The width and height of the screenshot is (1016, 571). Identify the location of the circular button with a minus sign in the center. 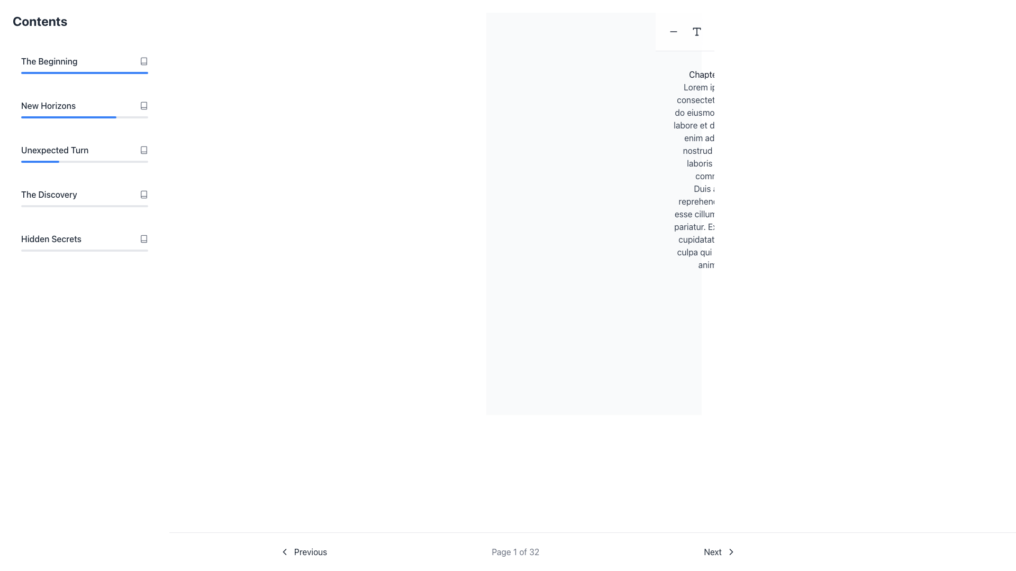
(673, 31).